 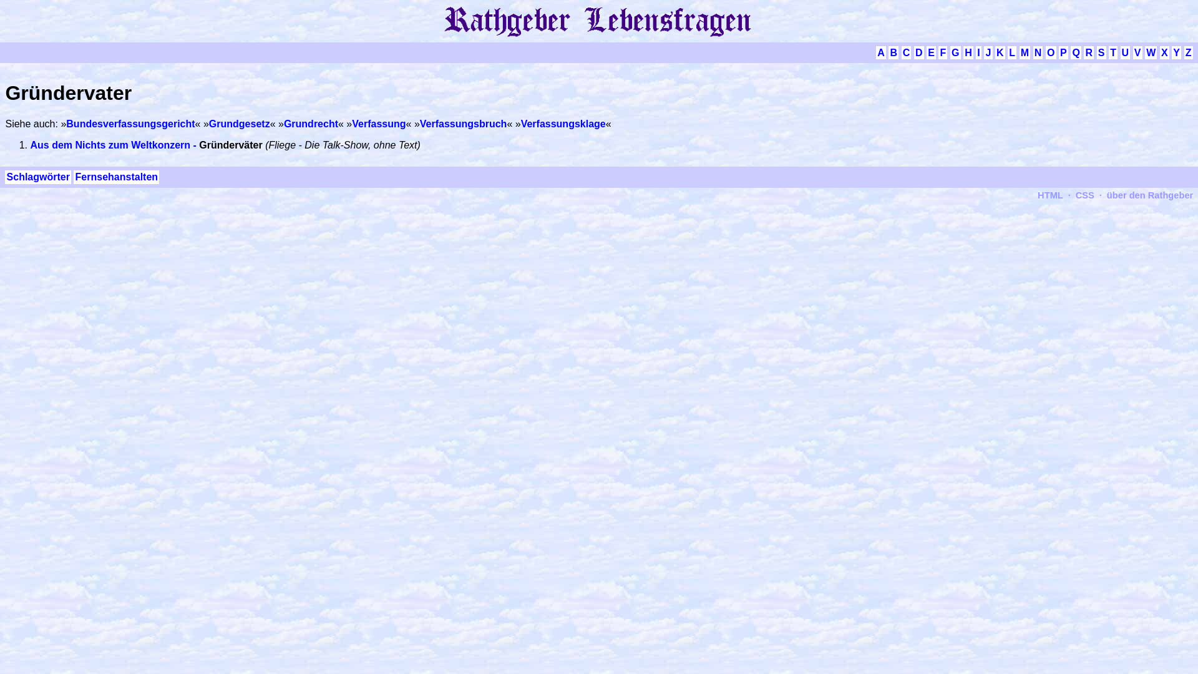 I want to click on 'G', so click(x=955, y=52).